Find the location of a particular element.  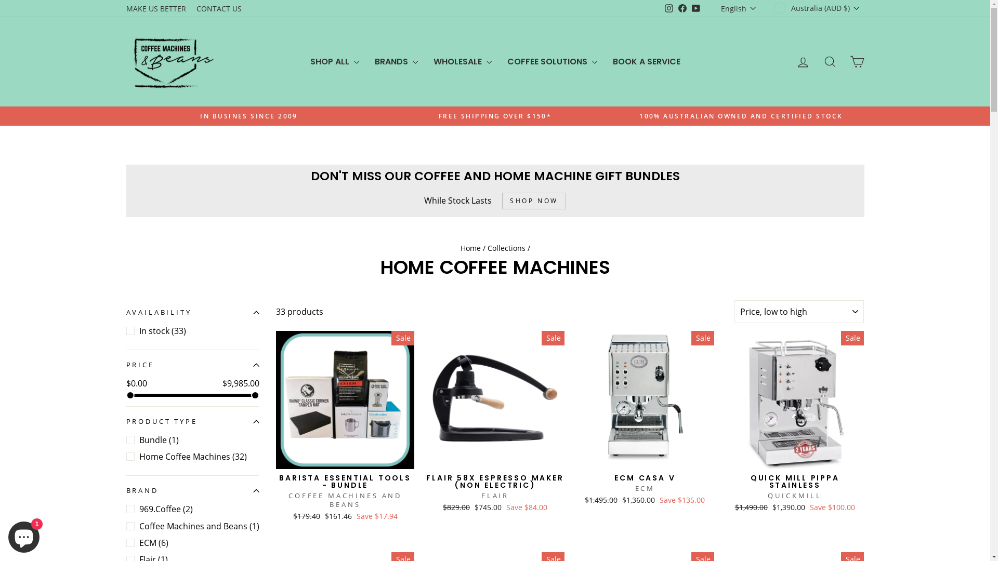

'SEARCH' is located at coordinates (829, 62).